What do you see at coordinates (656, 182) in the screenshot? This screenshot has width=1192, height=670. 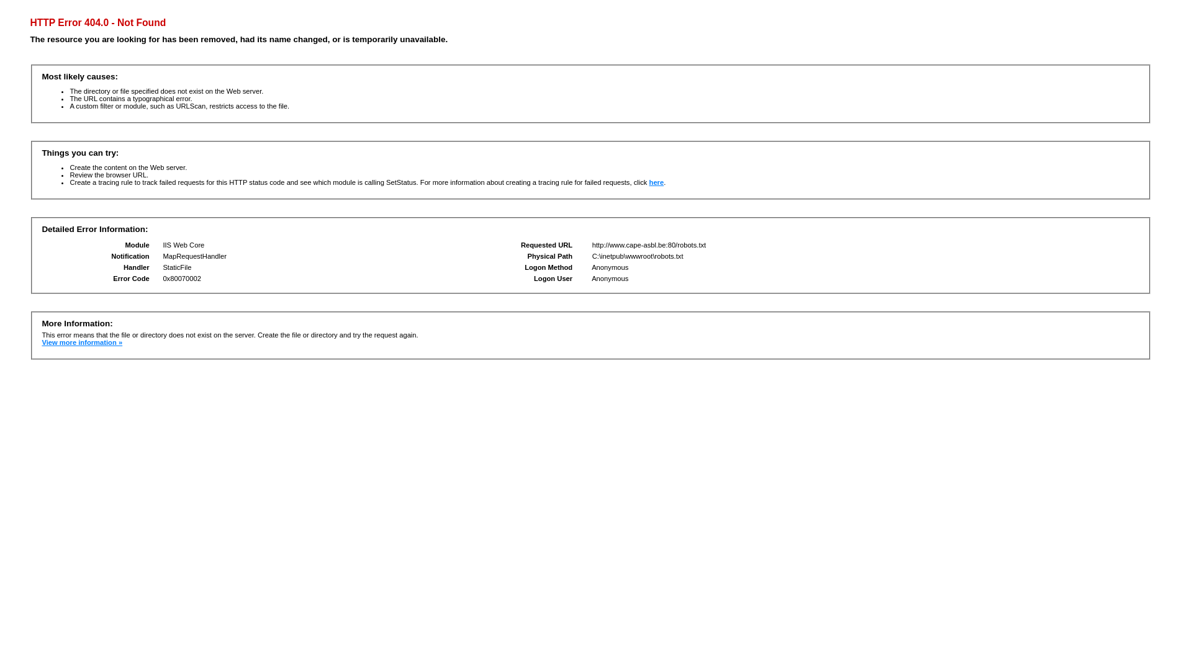 I see `'here'` at bounding box center [656, 182].